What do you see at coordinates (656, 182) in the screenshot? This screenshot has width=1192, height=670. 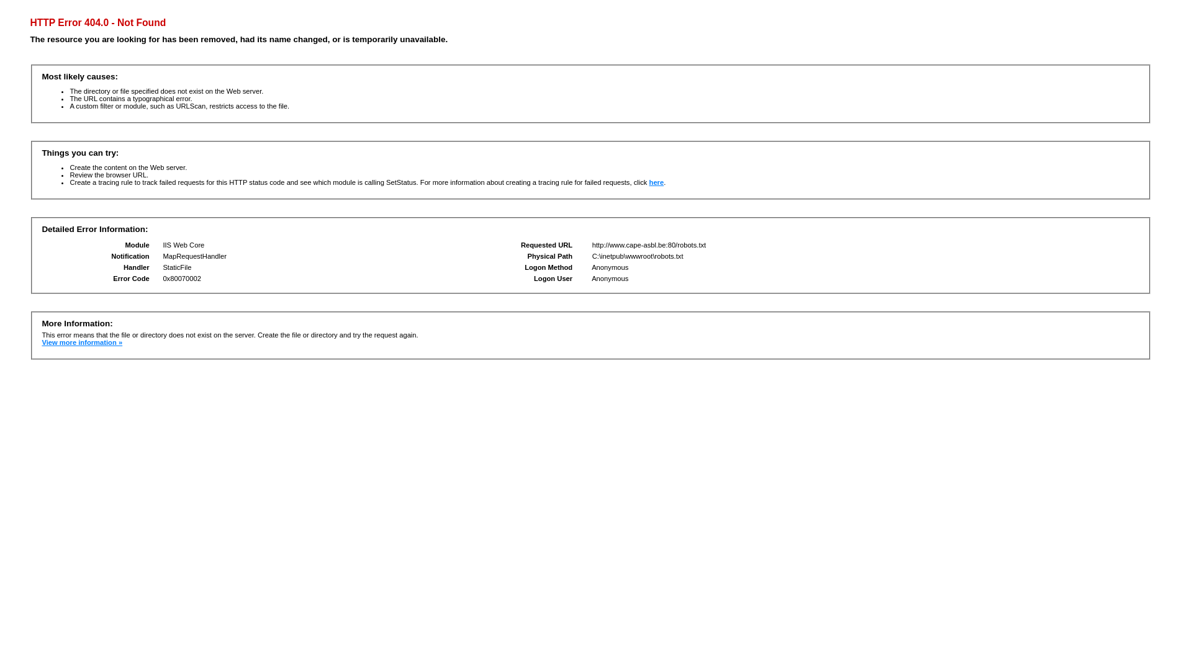 I see `'here'` at bounding box center [656, 182].